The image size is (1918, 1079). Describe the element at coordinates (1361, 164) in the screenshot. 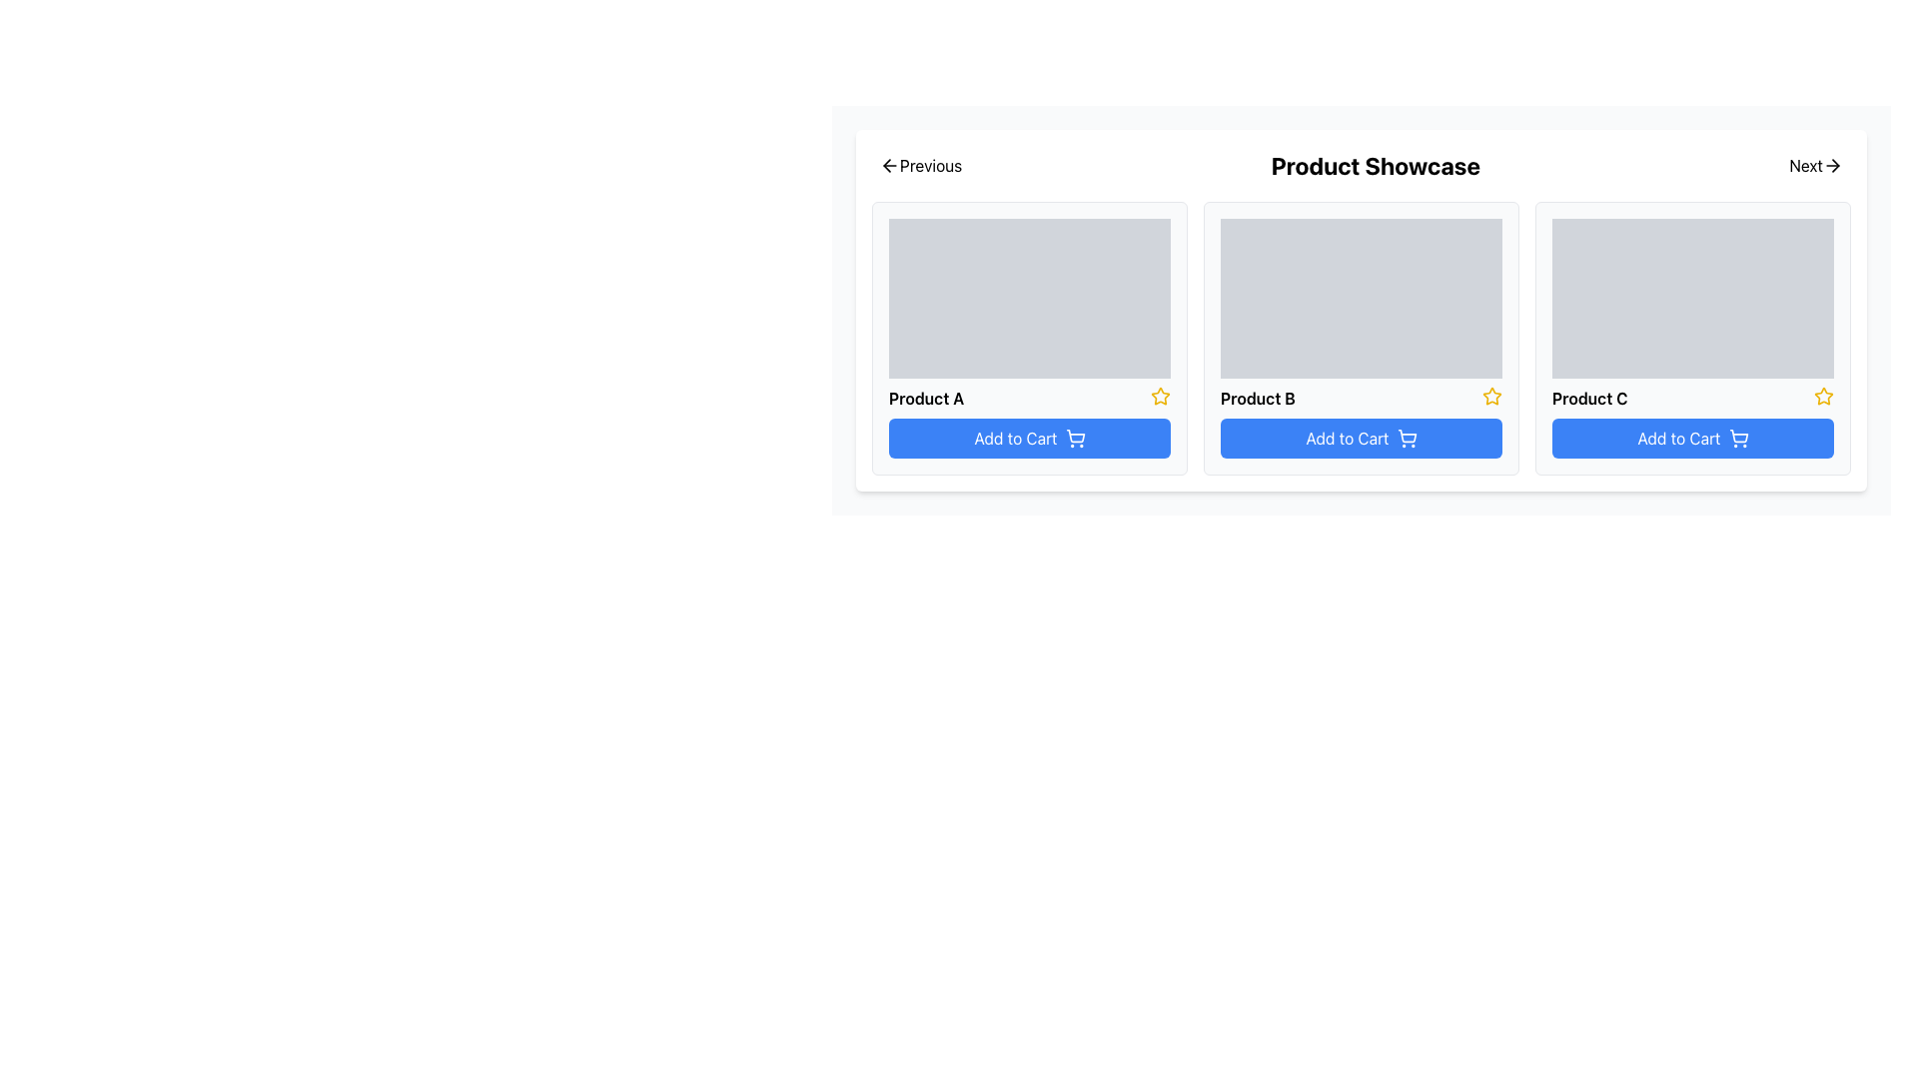

I see `title 'Product Showcase' from the top section of the card layout, which is centered in the composite UI element containing navigation buttons` at that location.